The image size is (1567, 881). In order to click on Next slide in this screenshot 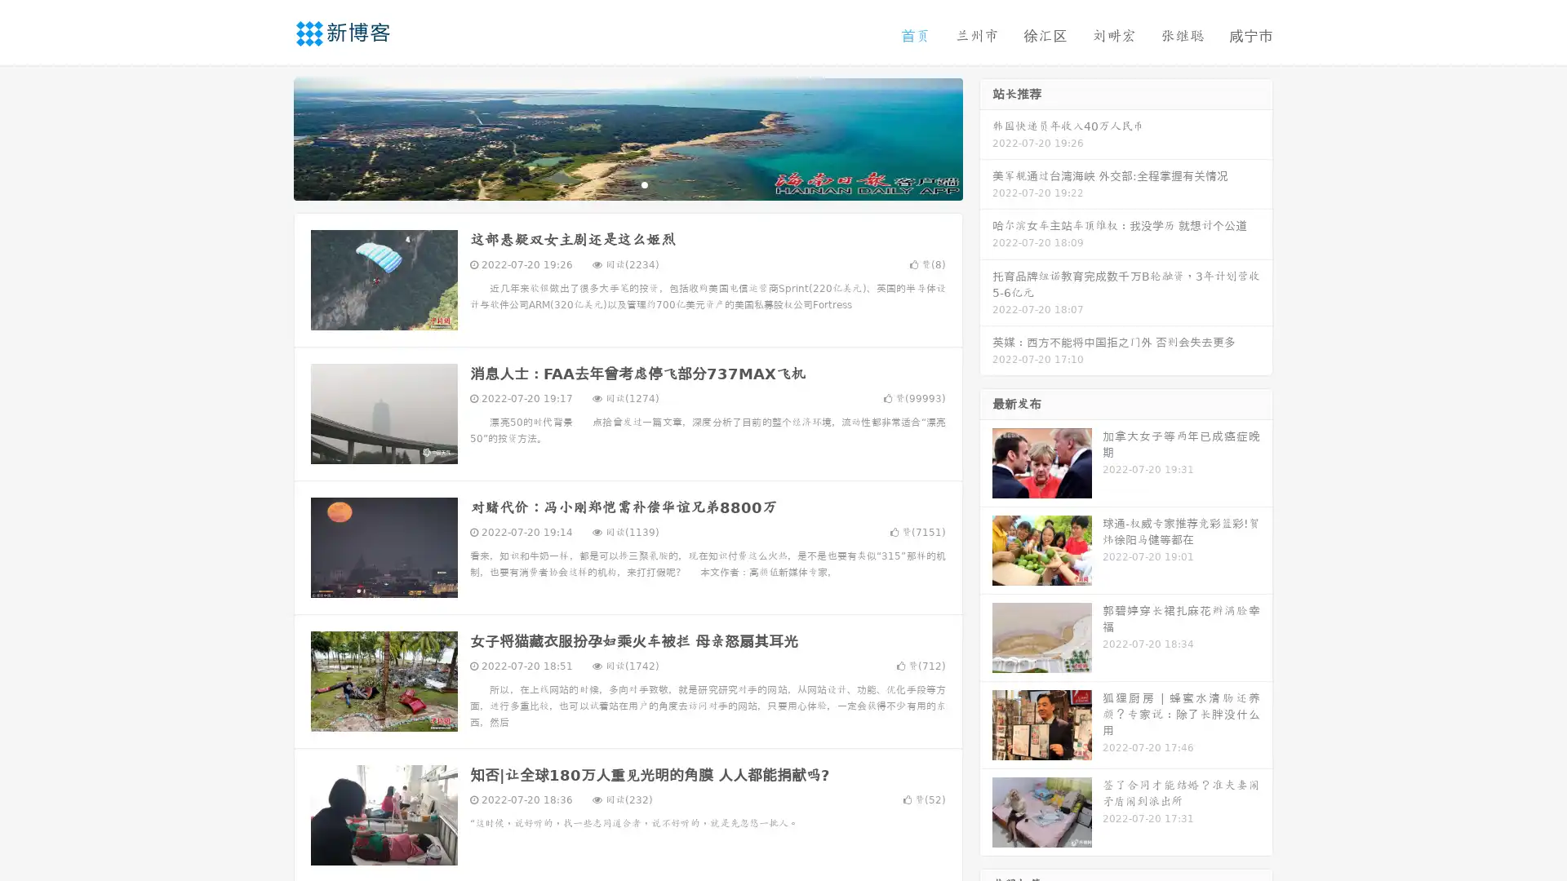, I will do `click(986, 137)`.